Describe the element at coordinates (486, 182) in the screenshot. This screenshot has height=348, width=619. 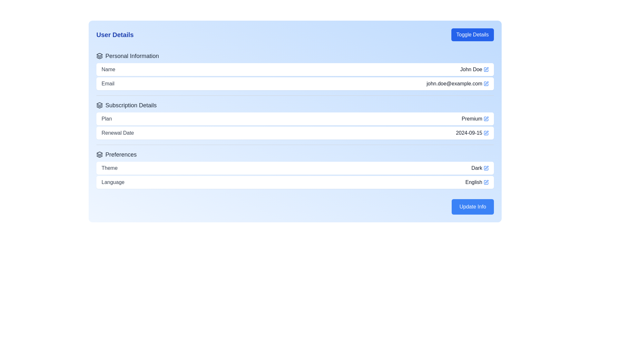
I see `the edit icon, a small square with a pen overlay, located to the right of the 'Plan' text field in the 'Subscription Details' section, beside the 'Premium' text` at that location.